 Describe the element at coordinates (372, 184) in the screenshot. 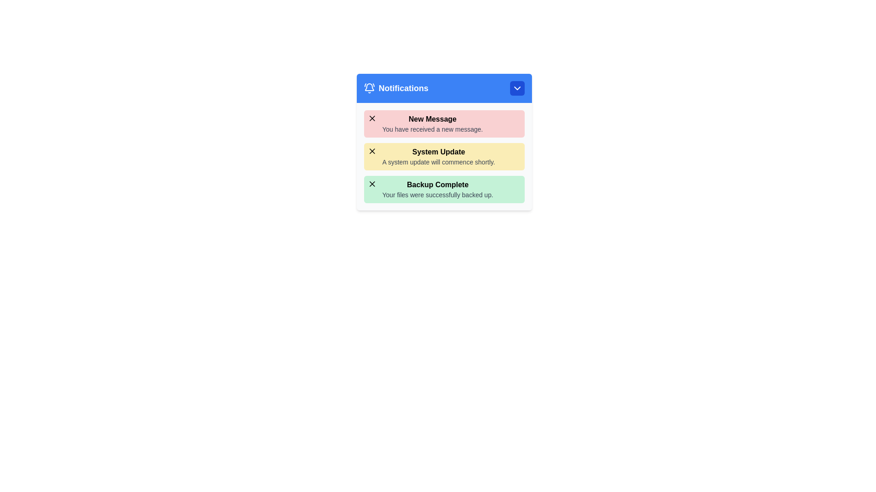

I see `the close icon in the third notification row` at that location.